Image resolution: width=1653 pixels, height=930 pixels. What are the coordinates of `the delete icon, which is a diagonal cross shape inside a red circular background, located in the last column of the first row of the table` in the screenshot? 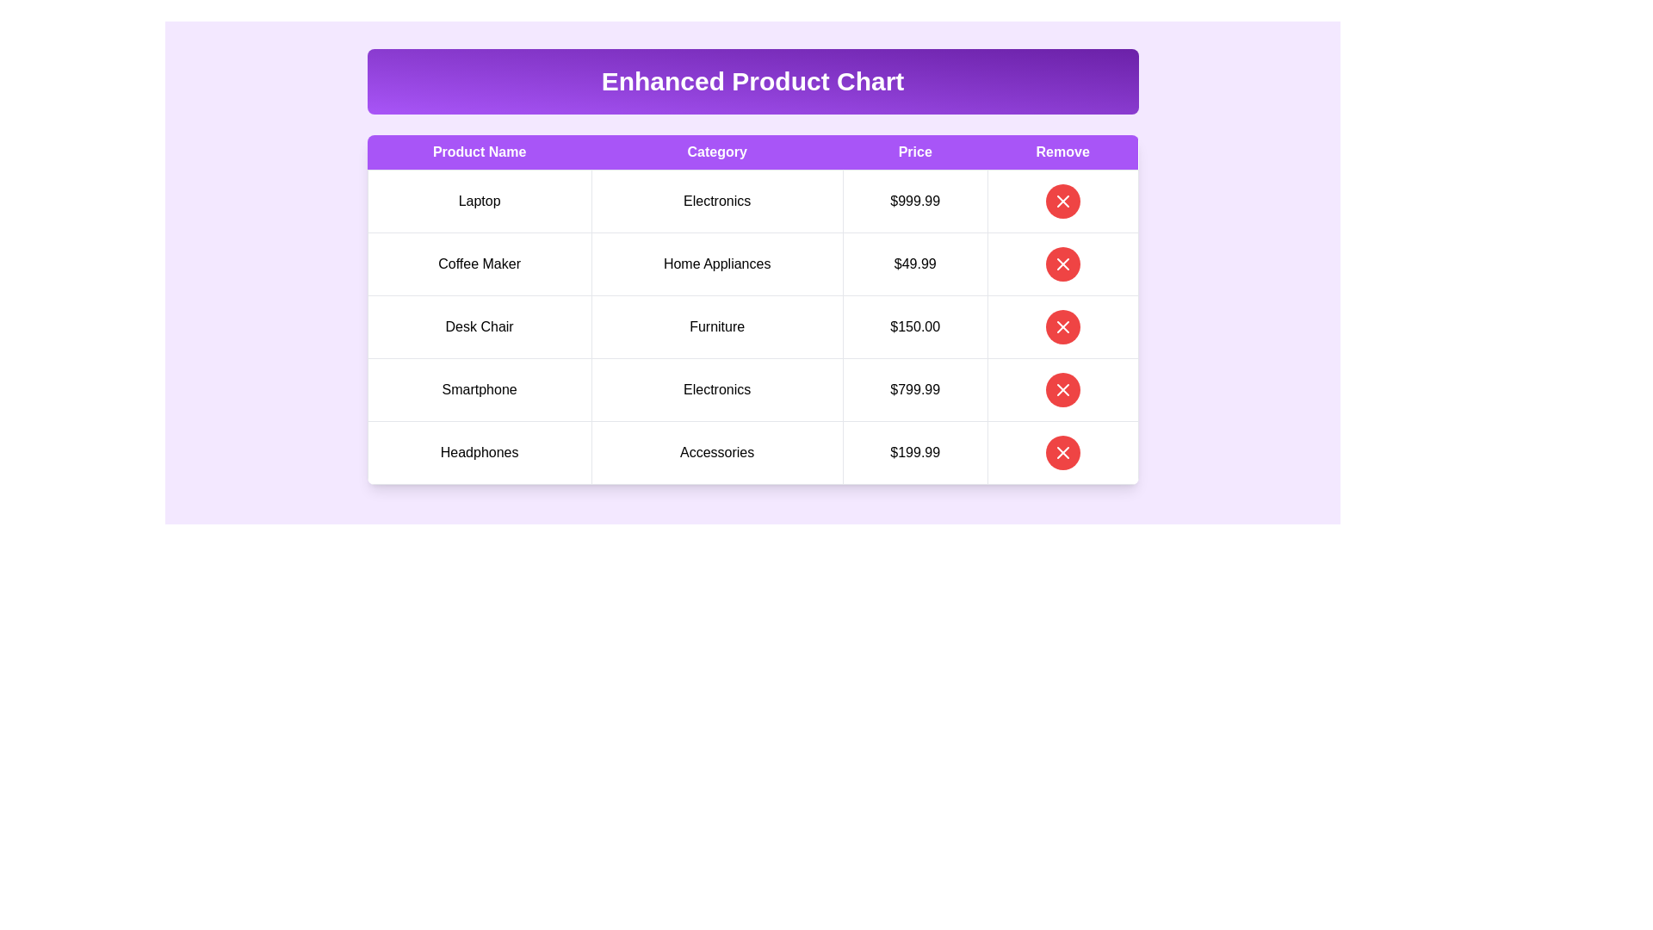 It's located at (1062, 327).